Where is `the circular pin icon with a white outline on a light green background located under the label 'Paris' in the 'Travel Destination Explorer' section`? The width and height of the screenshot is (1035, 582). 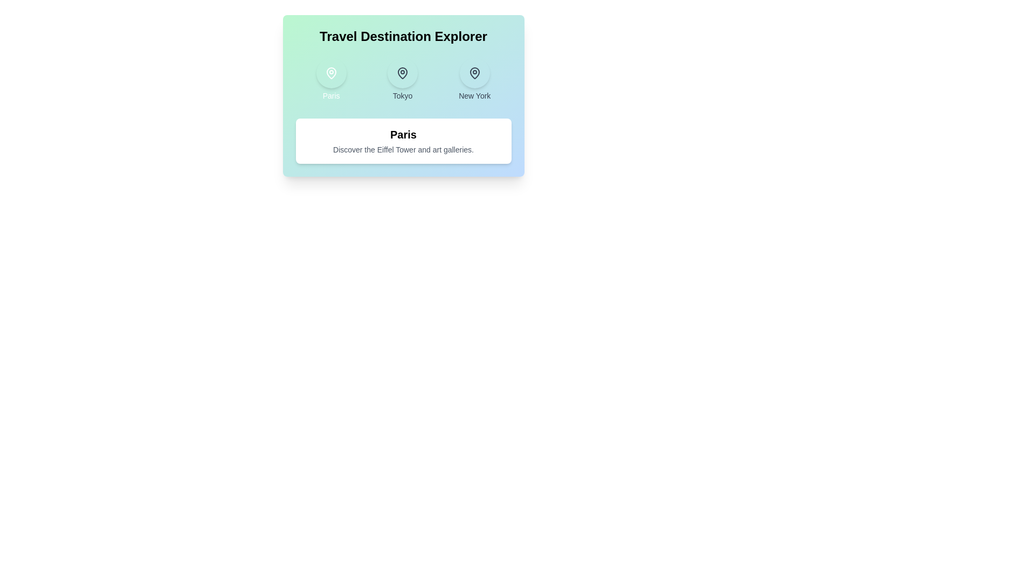 the circular pin icon with a white outline on a light green background located under the label 'Paris' in the 'Travel Destination Explorer' section is located at coordinates (330, 73).